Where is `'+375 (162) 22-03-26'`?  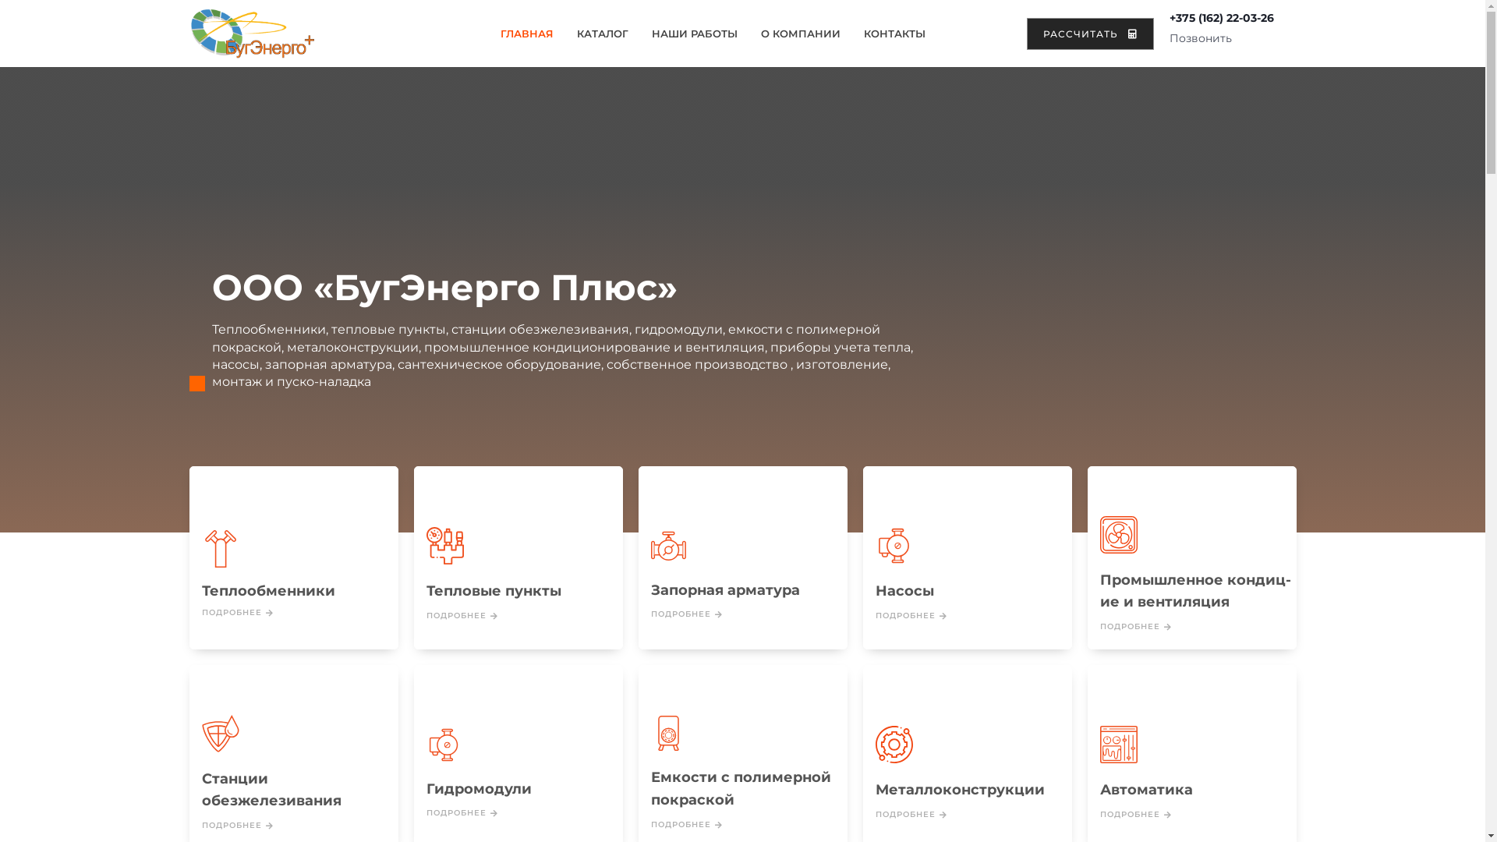
'+375 (162) 22-03-26' is located at coordinates (1169, 18).